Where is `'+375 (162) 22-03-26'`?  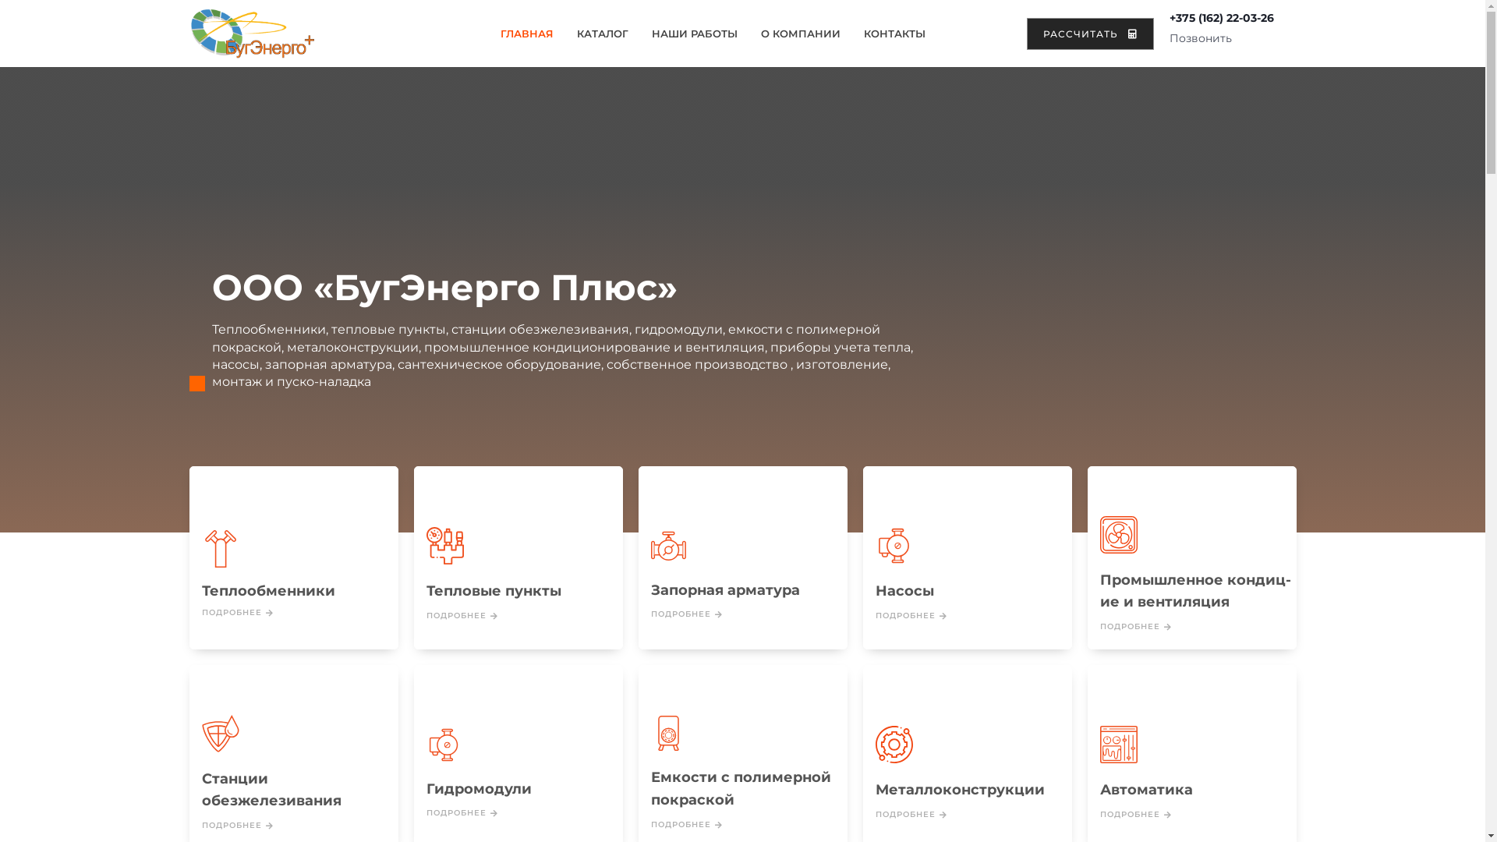
'+375 (162) 22-03-26' is located at coordinates (1169, 18).